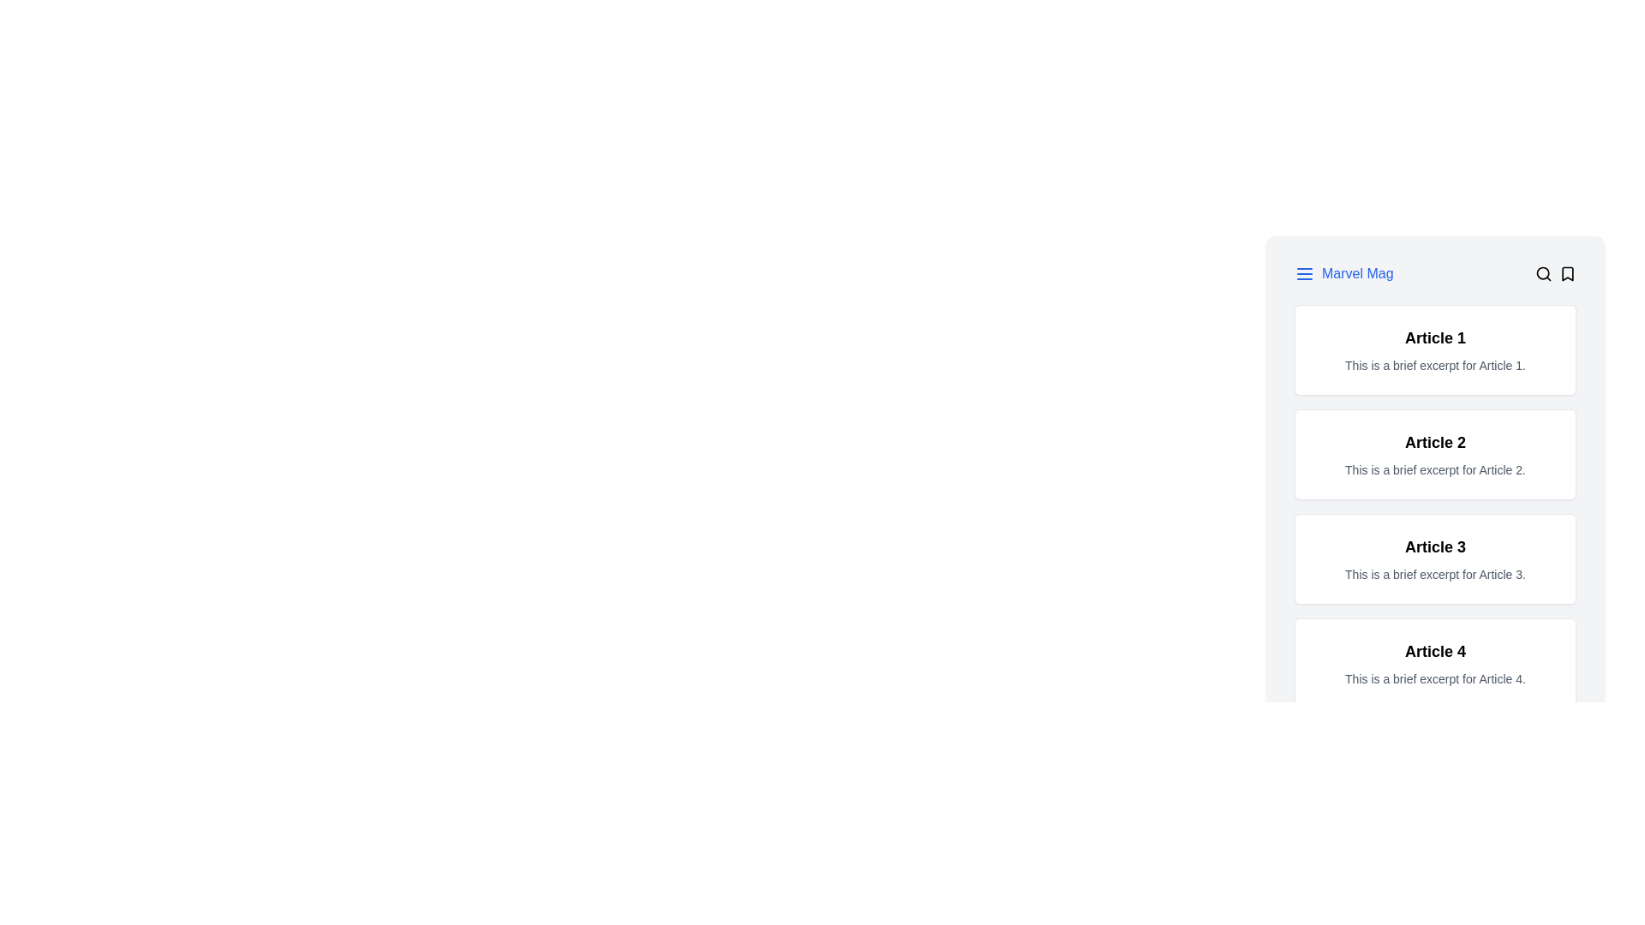 This screenshot has height=925, width=1645. I want to click on the minimalistic bookmark icon located at the top-right corner of the interface, so click(1567, 273).